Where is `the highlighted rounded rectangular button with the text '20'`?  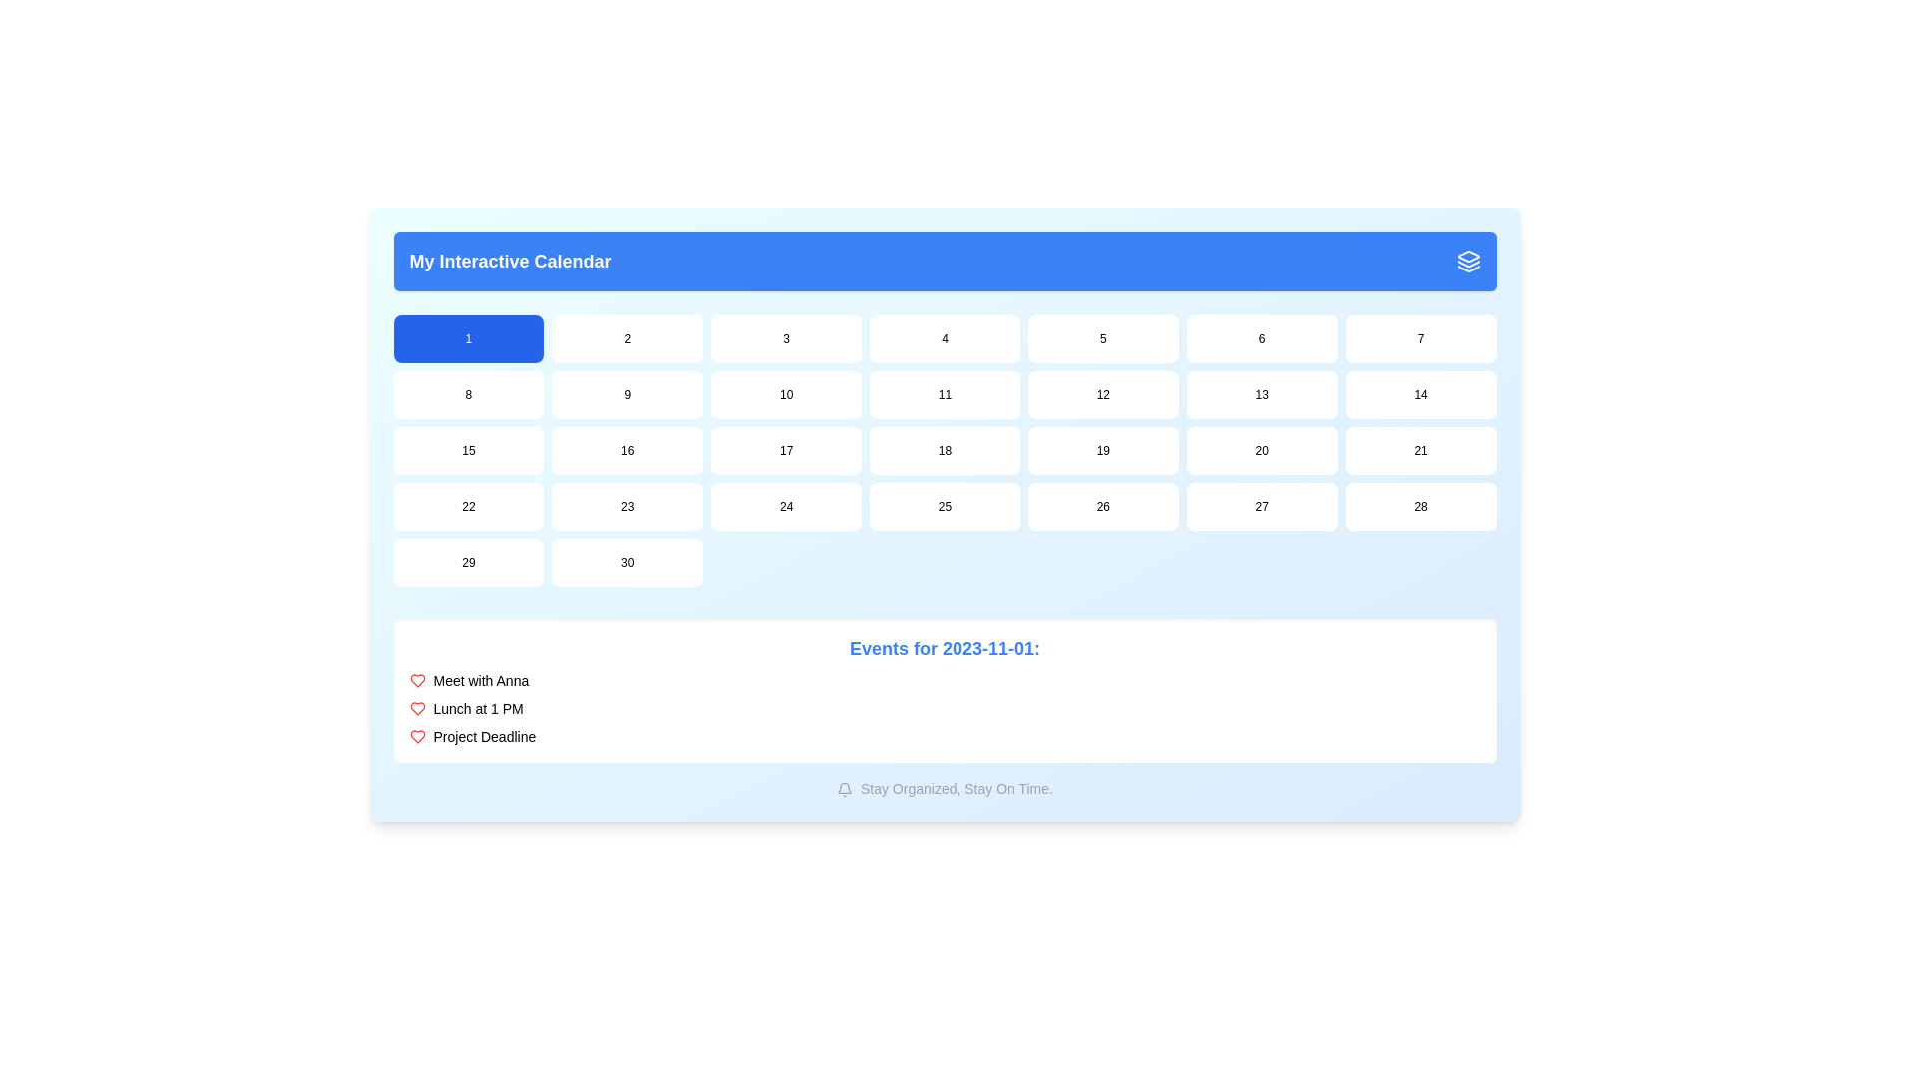 the highlighted rounded rectangular button with the text '20' is located at coordinates (1261, 450).